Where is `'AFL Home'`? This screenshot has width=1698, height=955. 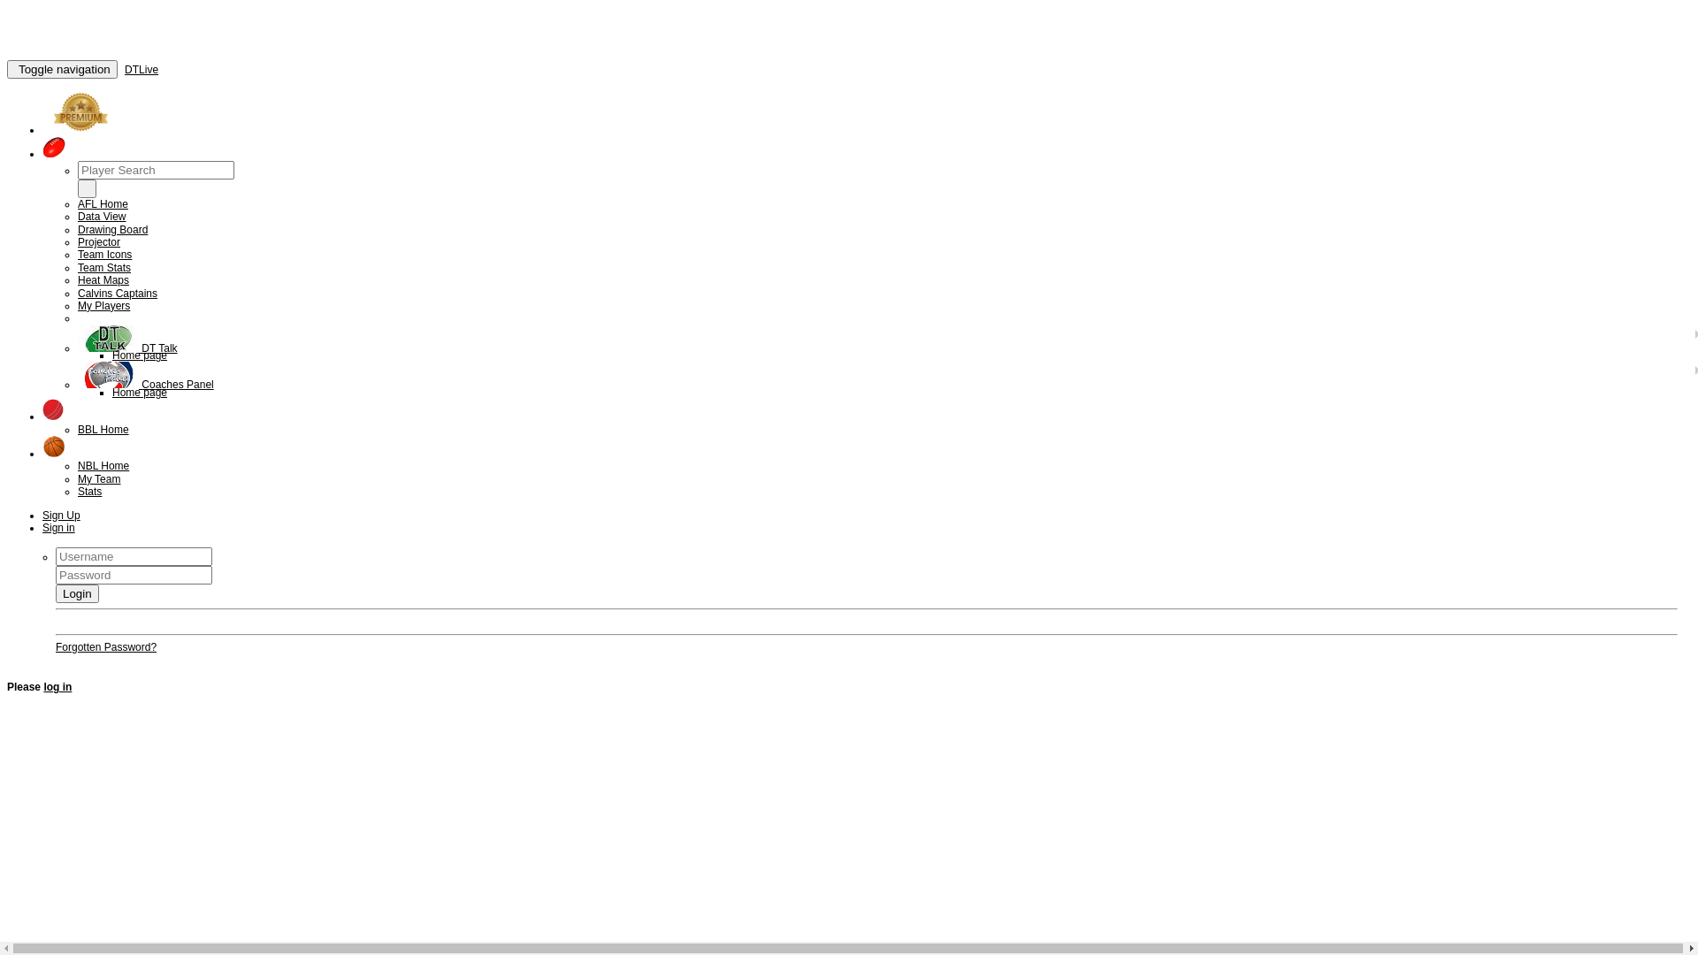
'AFL Home' is located at coordinates (102, 203).